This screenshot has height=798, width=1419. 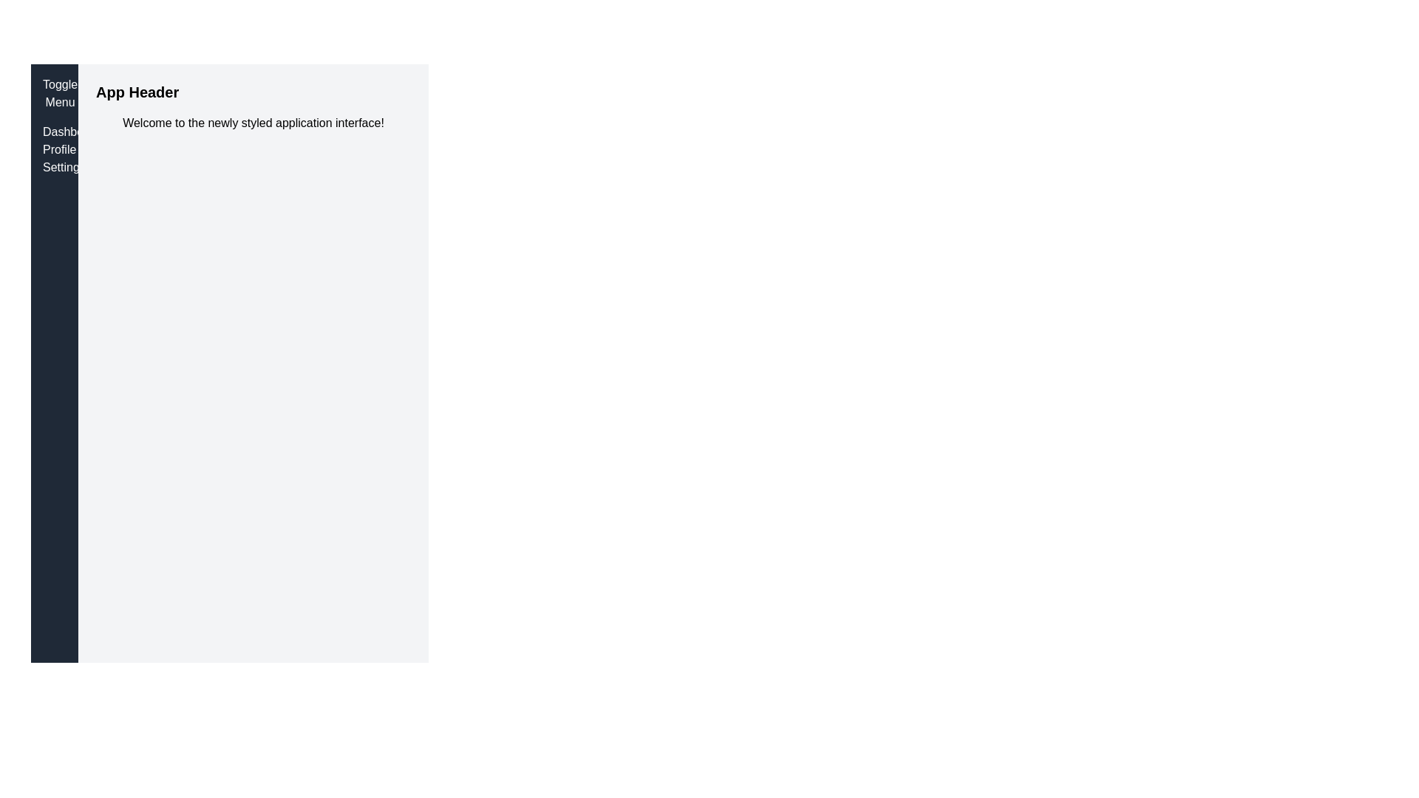 What do you see at coordinates (54, 150) in the screenshot?
I see `the 'Profile' menu item in the sidebar, which is styled with a dark background and white text, located between 'Dashboard' and 'Settings'` at bounding box center [54, 150].